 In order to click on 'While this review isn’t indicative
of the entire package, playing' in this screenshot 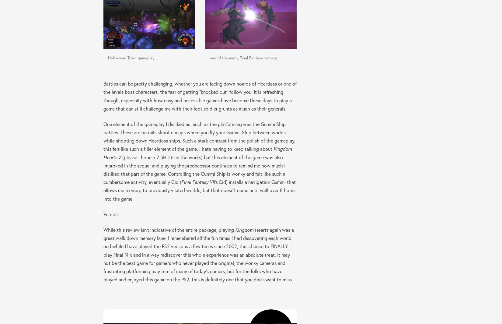, I will do `click(169, 229)`.